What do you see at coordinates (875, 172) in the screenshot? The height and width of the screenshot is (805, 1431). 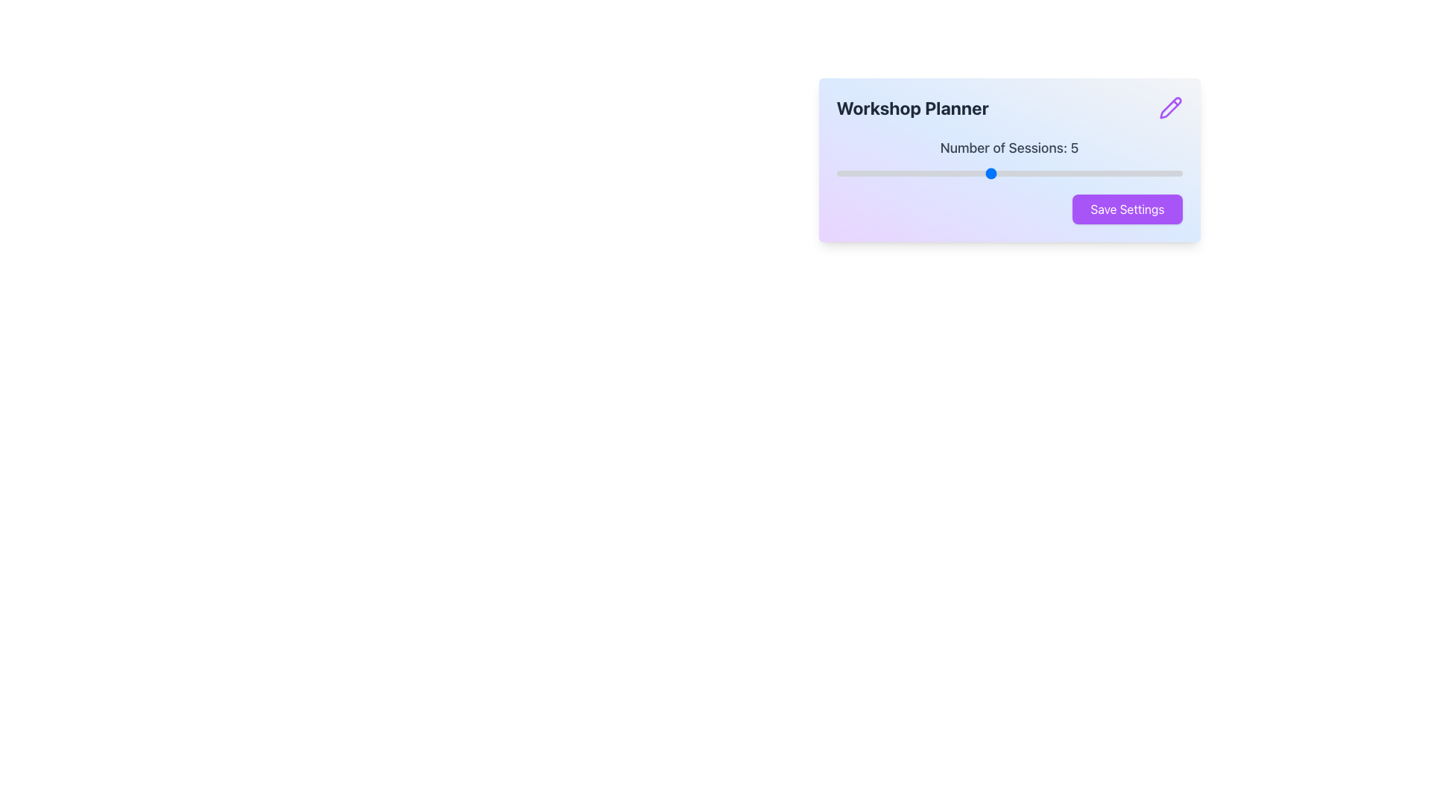 I see `the slider` at bounding box center [875, 172].